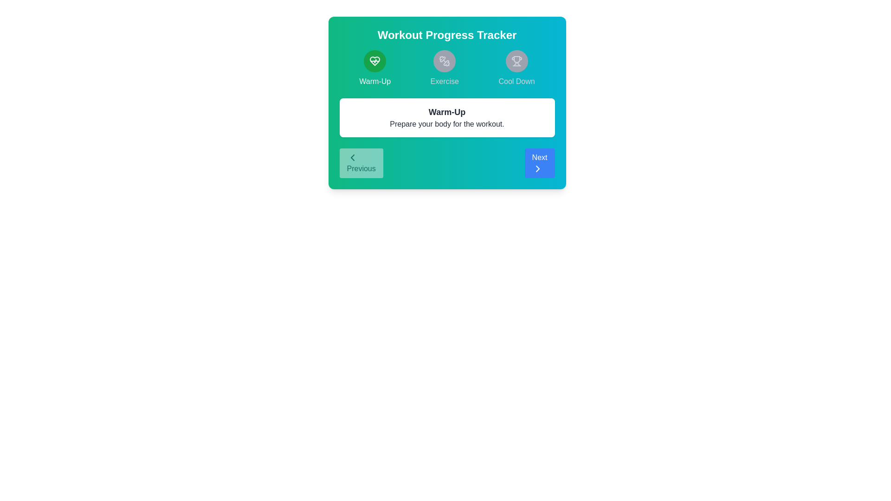  I want to click on the navigation button to move to the next phase, so click(540, 162).